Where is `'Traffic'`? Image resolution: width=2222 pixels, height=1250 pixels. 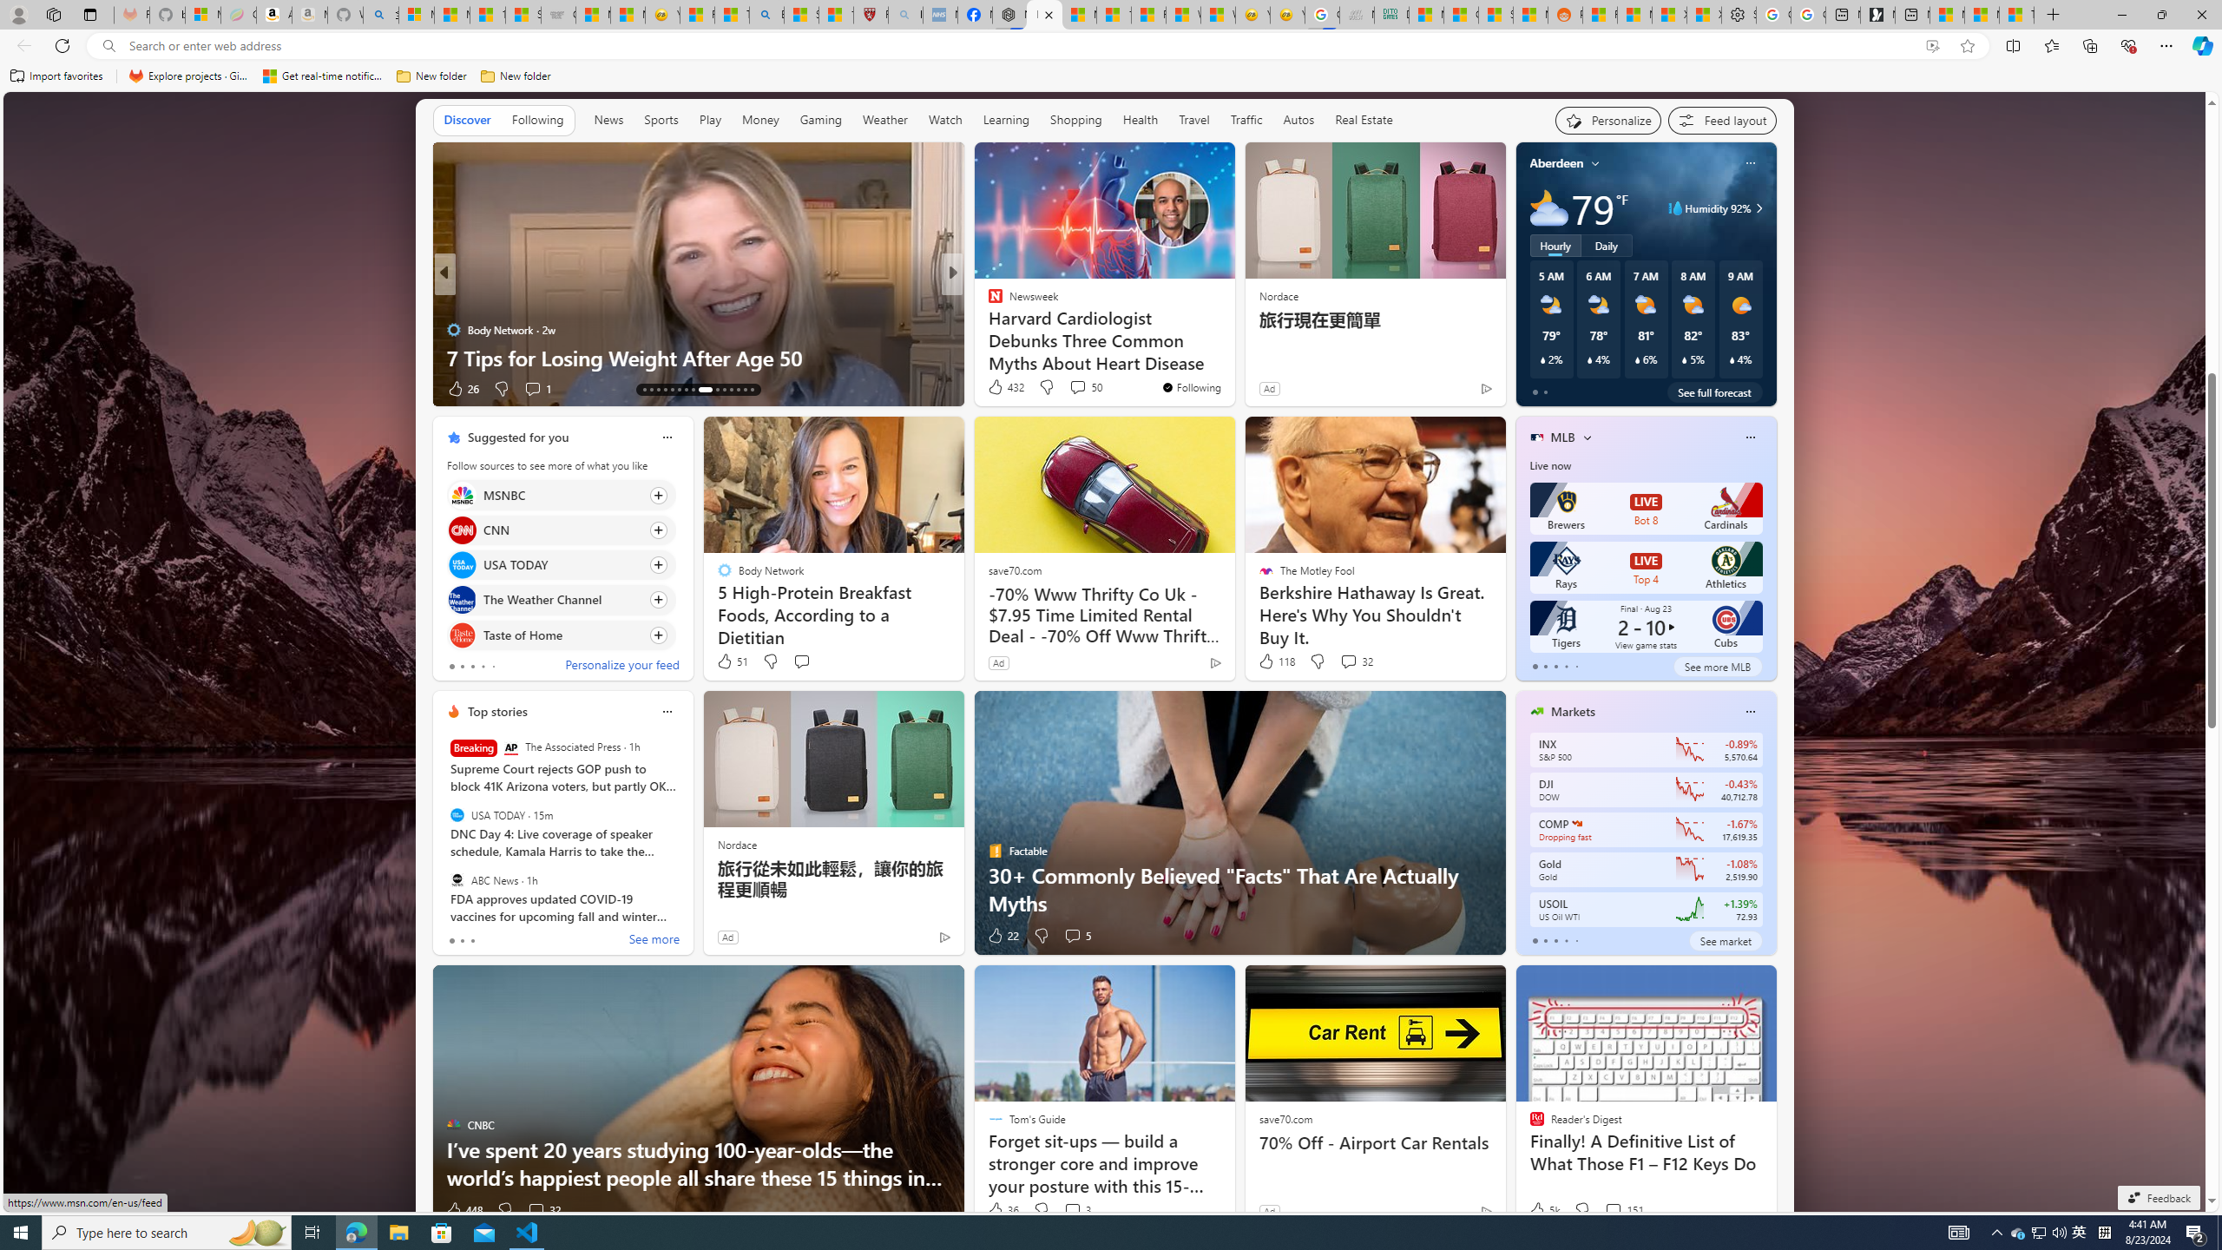 'Traffic' is located at coordinates (1246, 120).